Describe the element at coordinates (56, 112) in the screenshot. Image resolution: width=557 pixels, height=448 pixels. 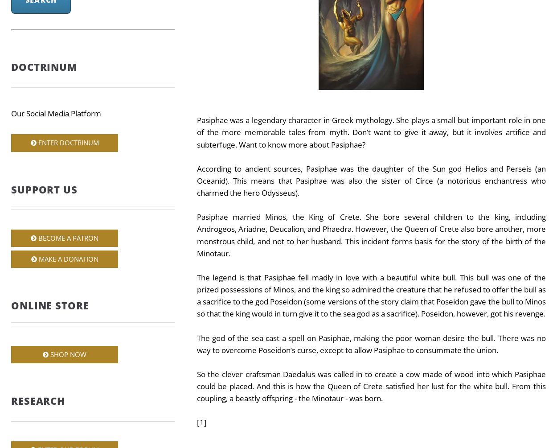
I see `'Our Social Media Platform'` at that location.